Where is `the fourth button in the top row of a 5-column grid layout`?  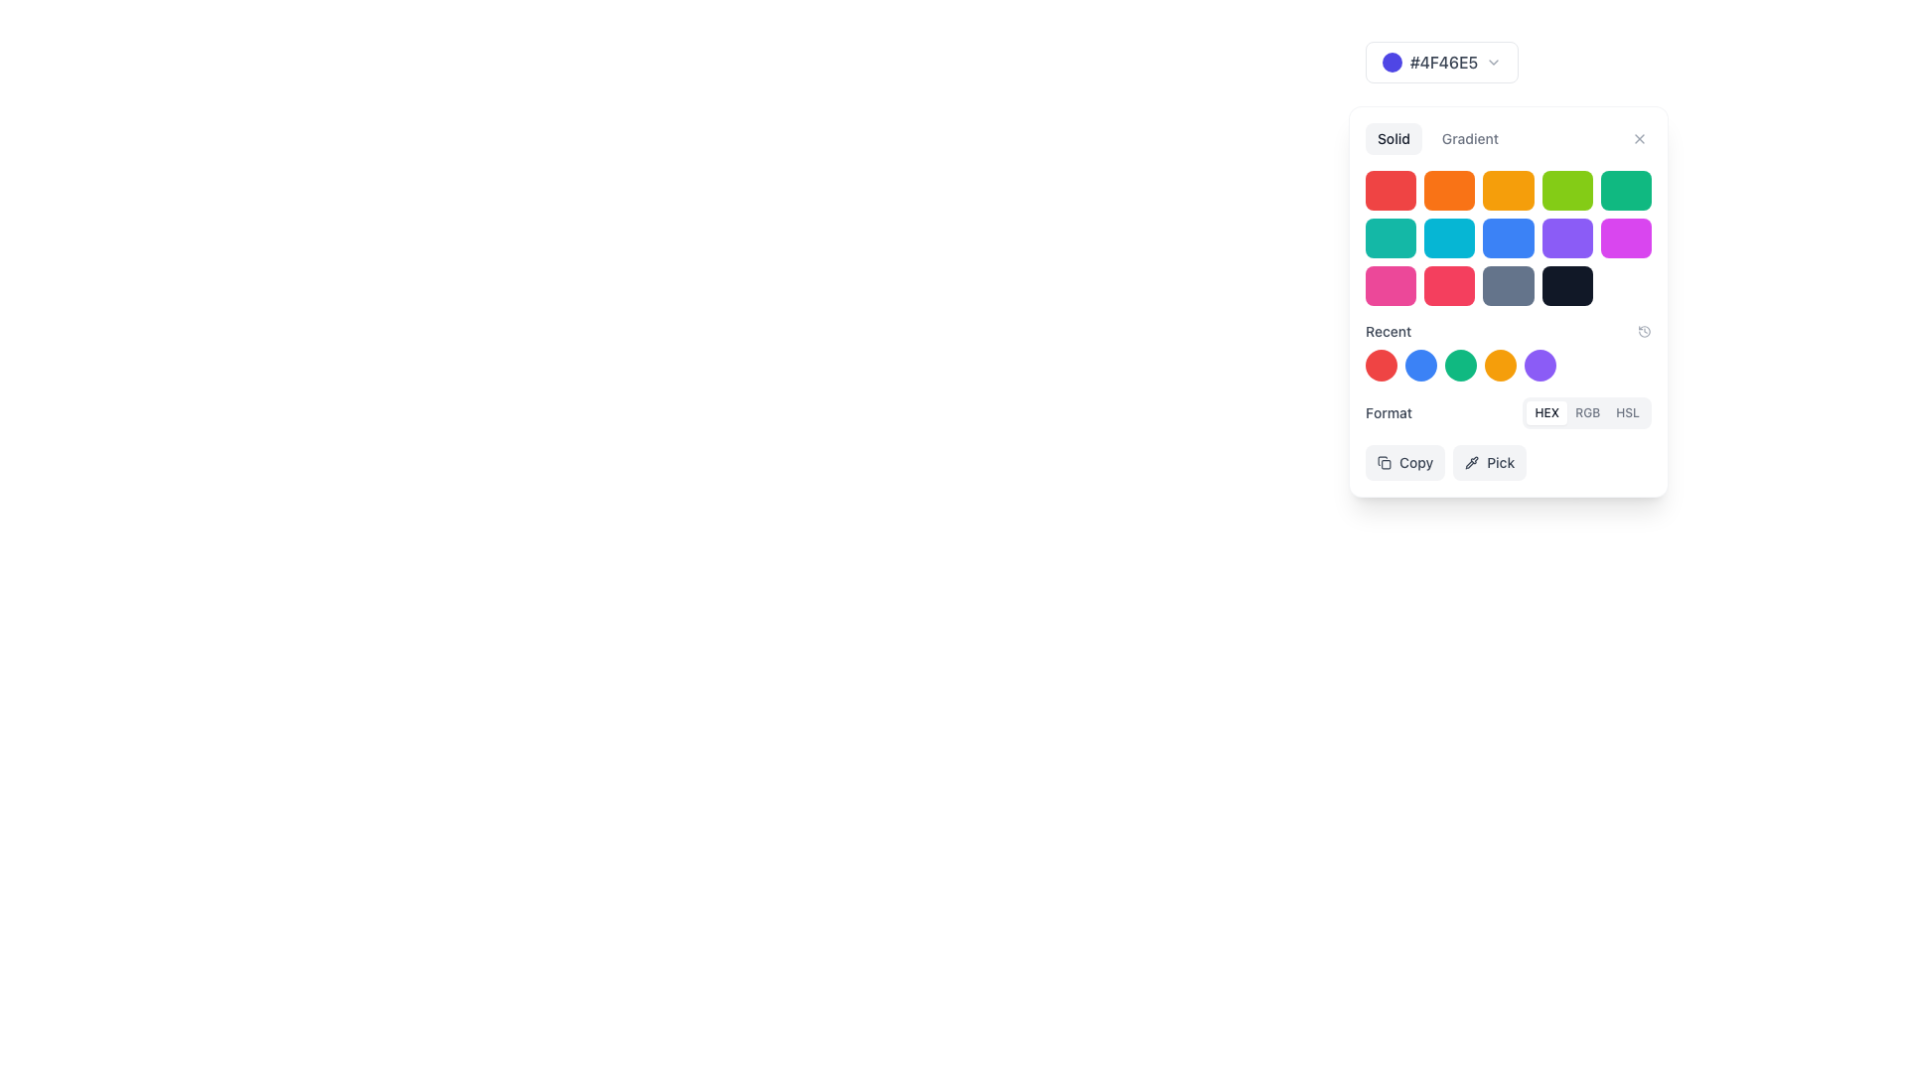
the fourth button in the top row of a 5-column grid layout is located at coordinates (1566, 191).